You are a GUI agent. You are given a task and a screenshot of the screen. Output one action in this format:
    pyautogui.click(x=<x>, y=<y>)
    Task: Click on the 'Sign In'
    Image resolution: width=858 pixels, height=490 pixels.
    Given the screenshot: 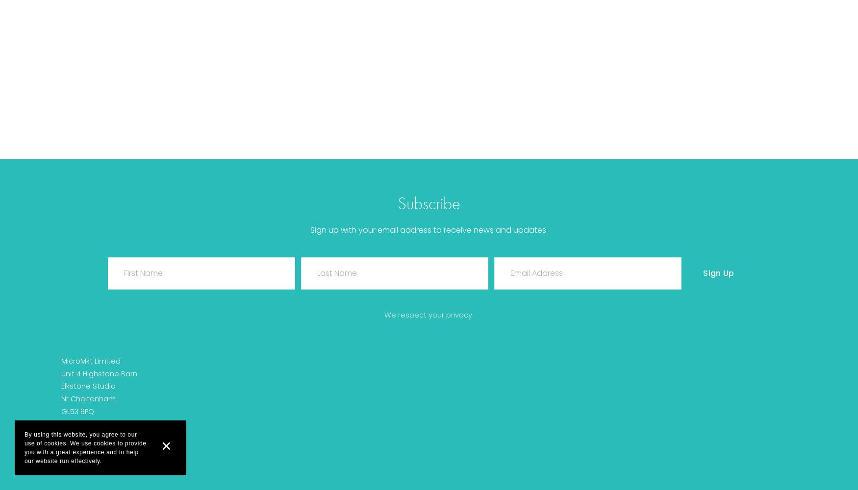 What is the action you would take?
    pyautogui.click(x=345, y=153)
    